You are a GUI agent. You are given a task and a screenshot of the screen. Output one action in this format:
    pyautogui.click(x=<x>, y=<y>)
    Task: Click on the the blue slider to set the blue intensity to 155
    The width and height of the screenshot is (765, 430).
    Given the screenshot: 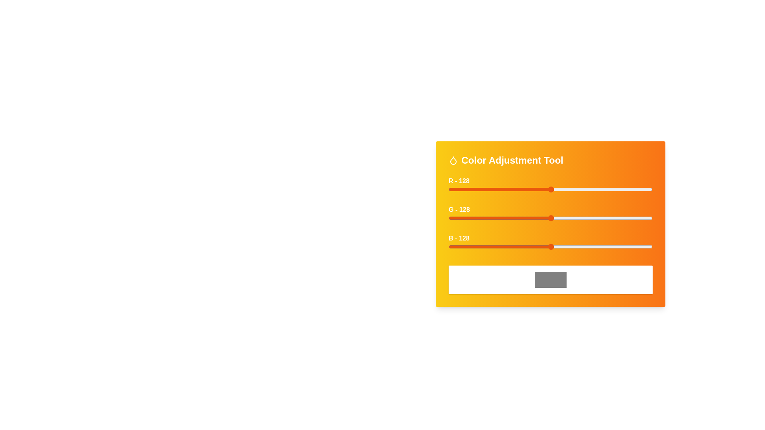 What is the action you would take?
    pyautogui.click(x=572, y=246)
    